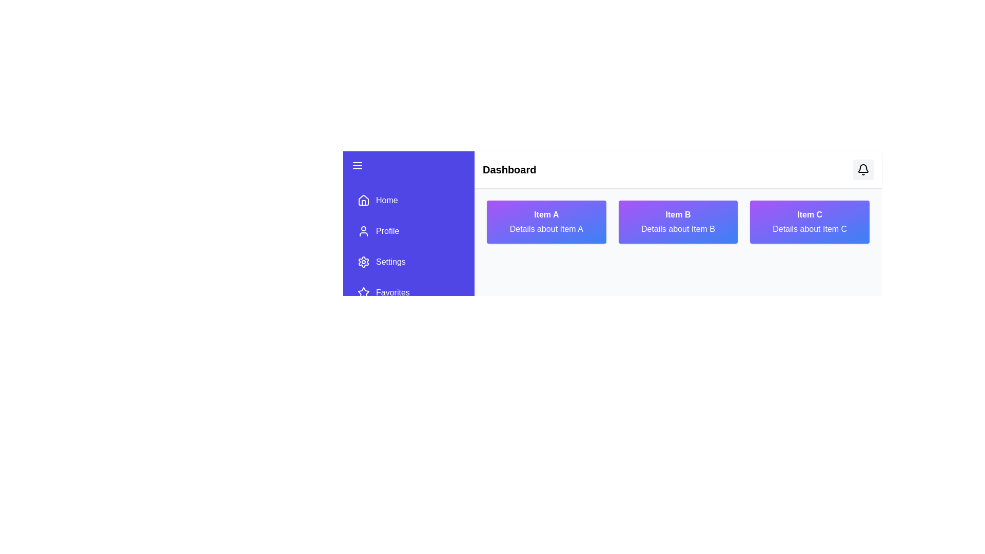  I want to click on text content displayed in the bold, centered label that shows 'Item B', which is located in the second panel of three, styled with a gradient from purple to blue and positioned above the description 'Details about Item B', so click(678, 214).